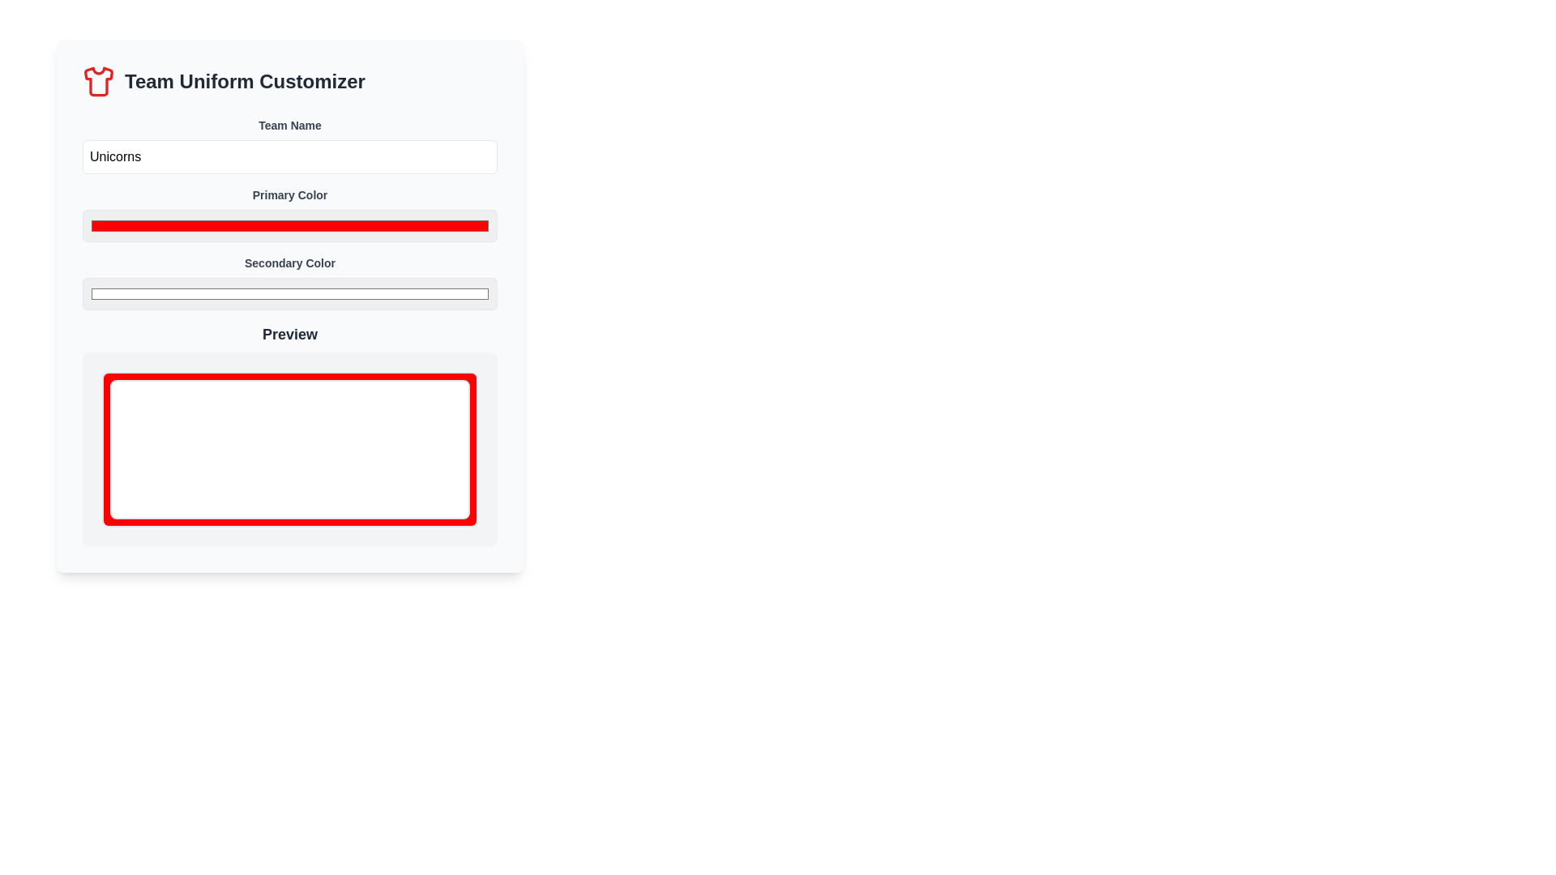 The width and height of the screenshot is (1556, 875). I want to click on the header text displaying 'Team Uniform Customizer', which is large, bold, and dark gray, located to the right of a red shirt icon in the top section of the interface, so click(244, 81).